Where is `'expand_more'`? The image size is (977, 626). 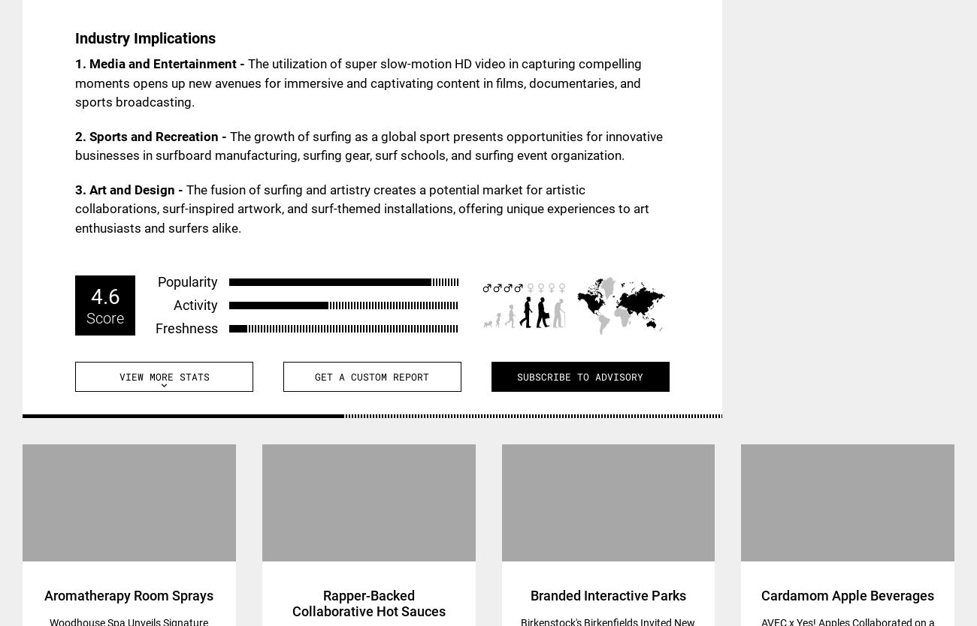 'expand_more' is located at coordinates (163, 384).